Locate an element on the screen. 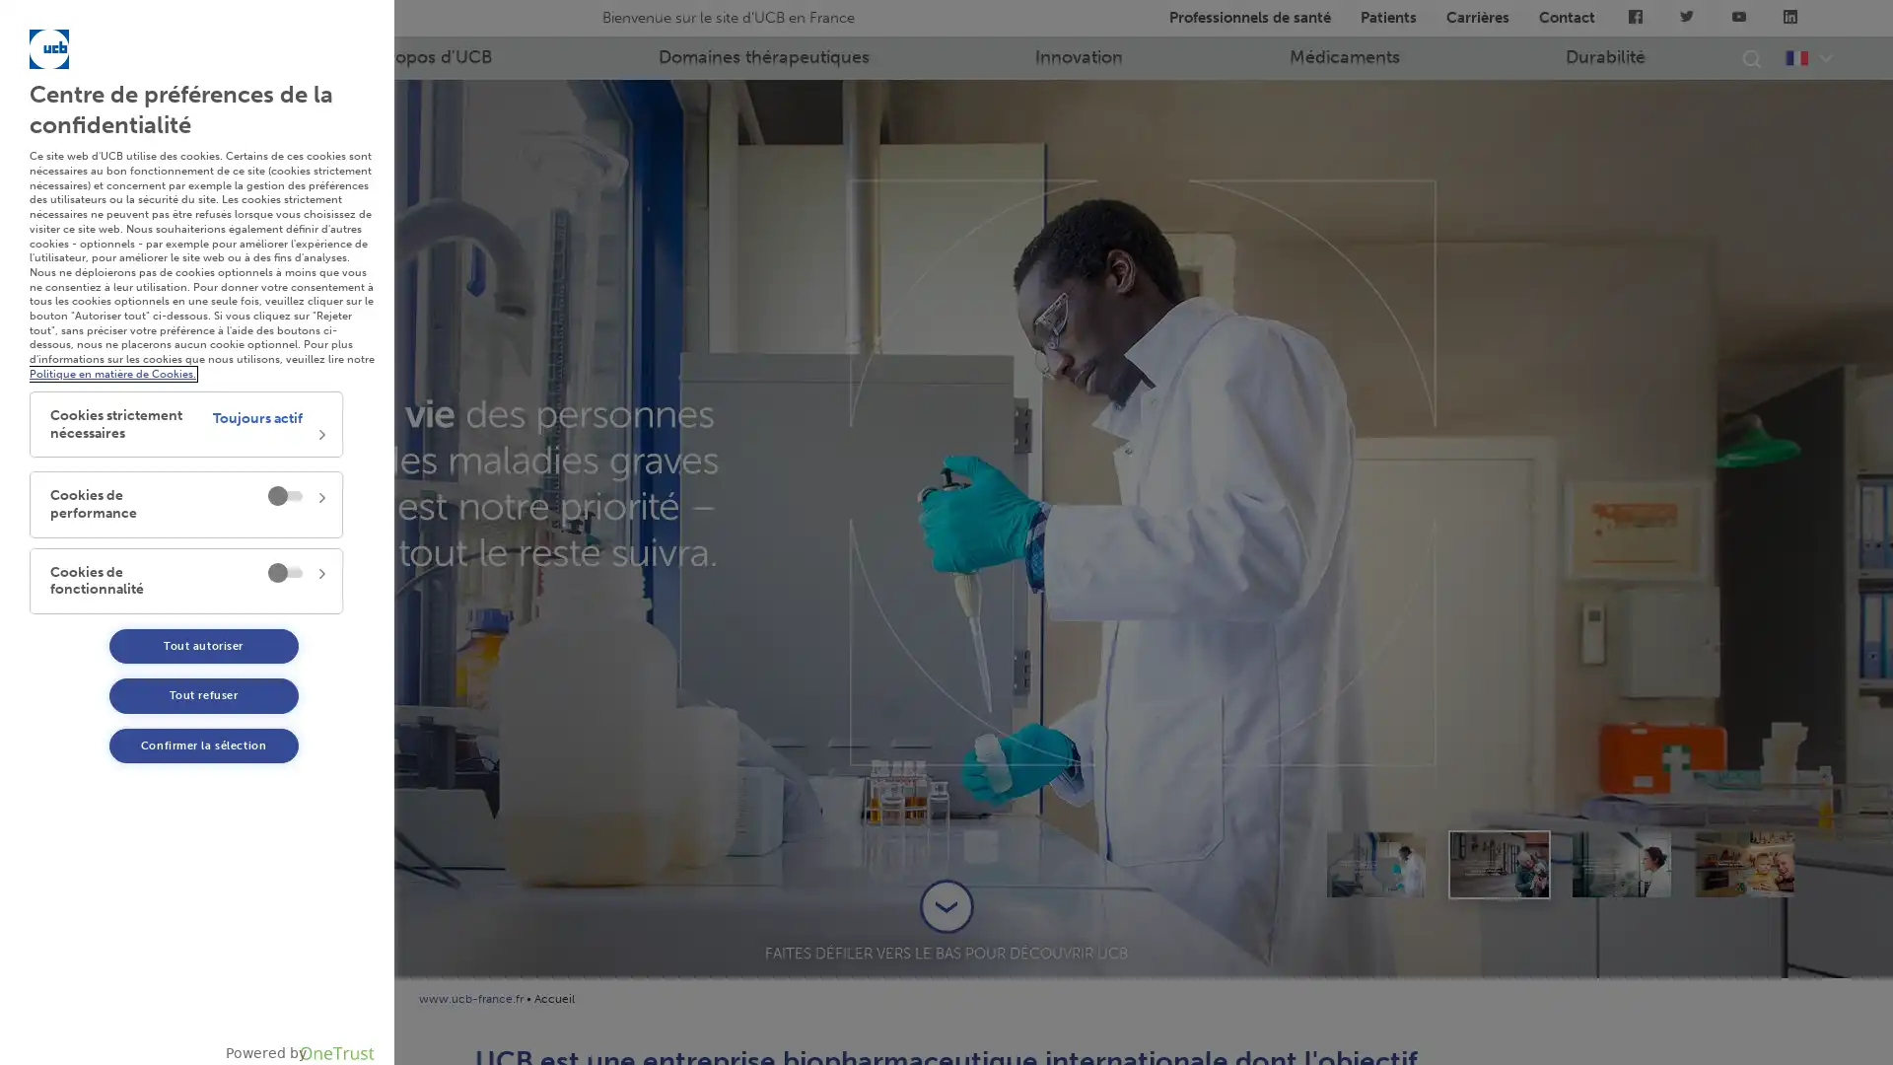  Cookies de fonctionnalite is located at coordinates (185, 579).